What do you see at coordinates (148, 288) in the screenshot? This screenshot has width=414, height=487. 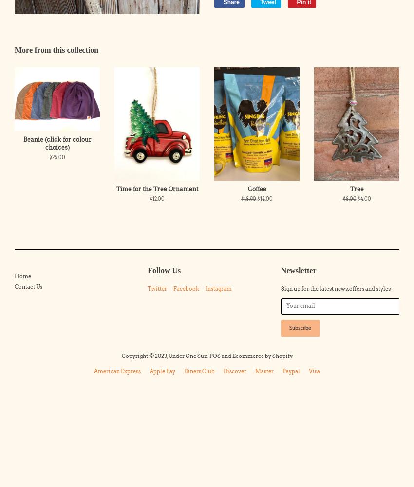 I see `'Twitter'` at bounding box center [148, 288].